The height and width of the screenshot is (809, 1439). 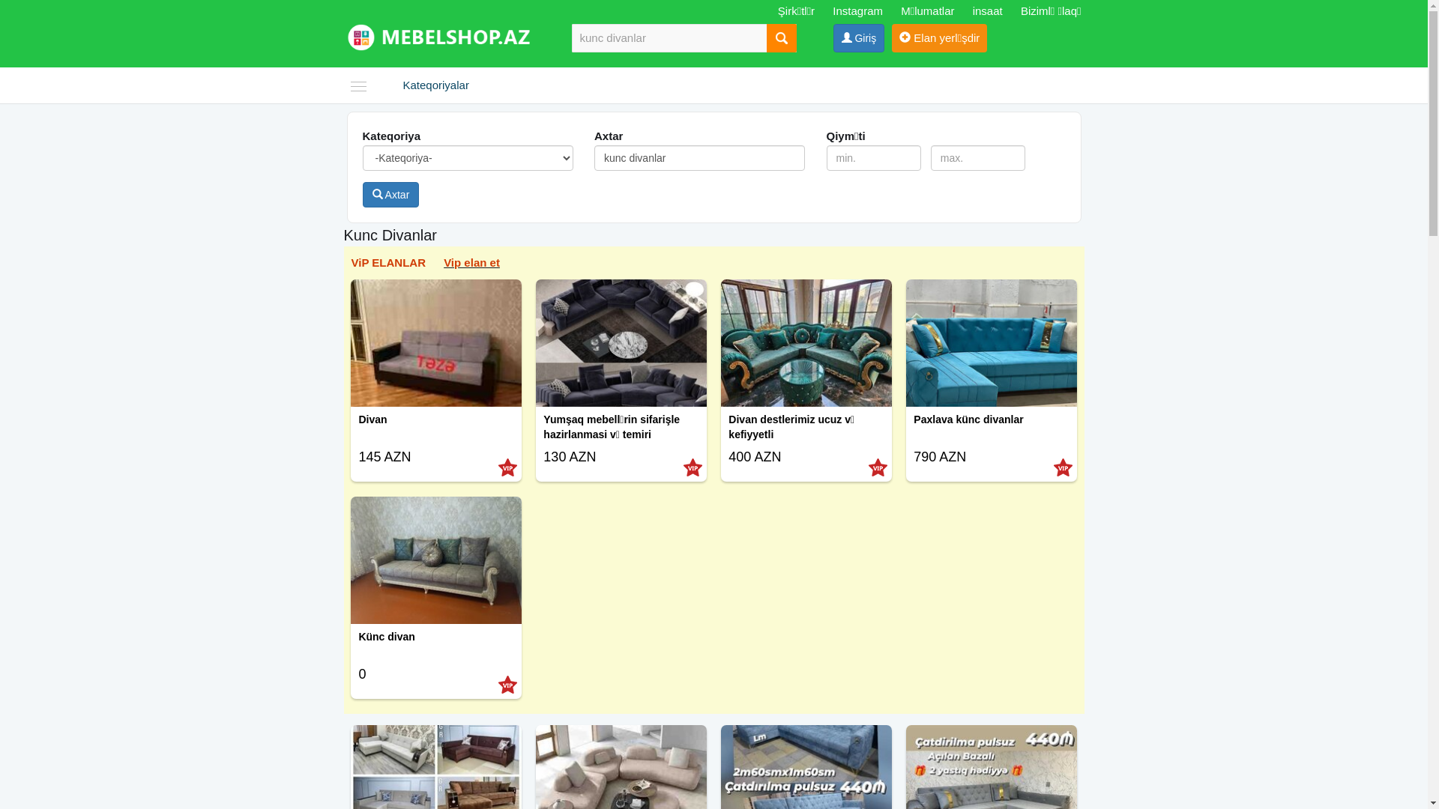 I want to click on 'Instagram', so click(x=831, y=10).